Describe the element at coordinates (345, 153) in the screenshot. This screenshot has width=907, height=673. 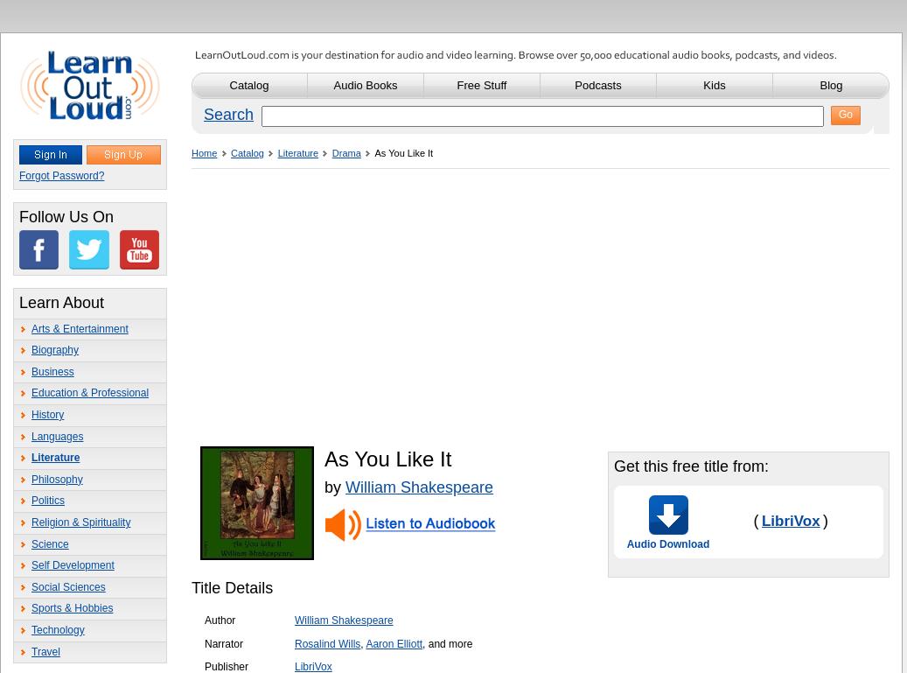
I see `'Drama'` at that location.